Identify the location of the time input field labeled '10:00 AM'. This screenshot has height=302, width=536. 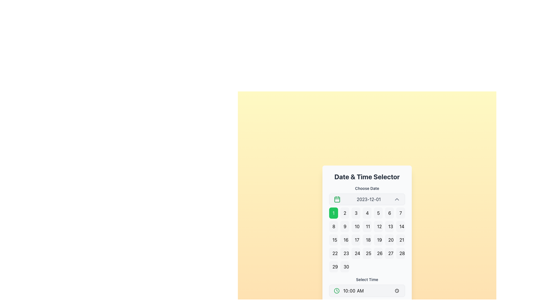
(372, 291).